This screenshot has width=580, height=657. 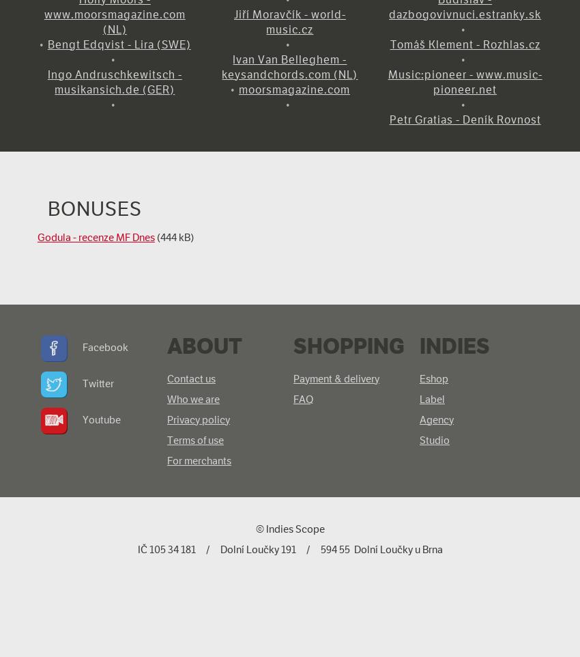 What do you see at coordinates (433, 439) in the screenshot?
I see `'Studio'` at bounding box center [433, 439].